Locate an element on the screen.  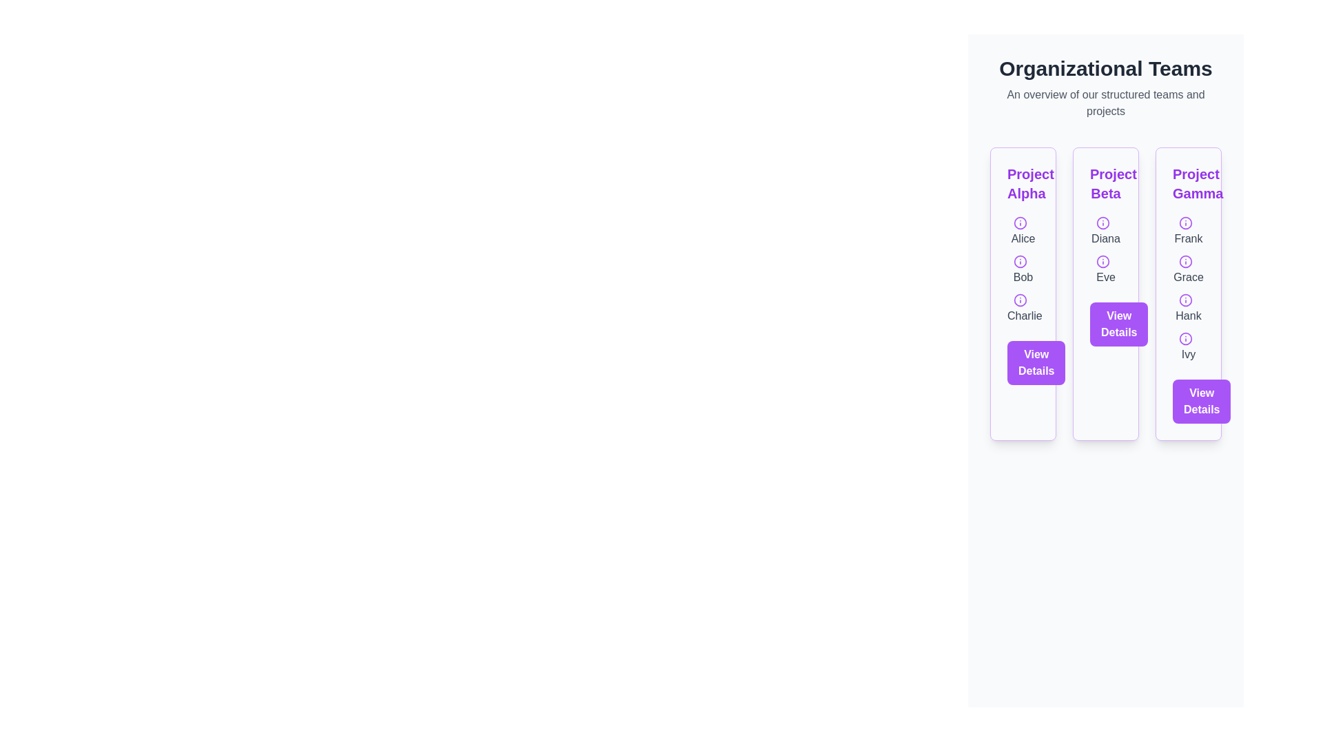
the text label that identifies a team member within the 'Project Alpha' project, located at the top of the list in the leftmost column is located at coordinates (1023, 230).